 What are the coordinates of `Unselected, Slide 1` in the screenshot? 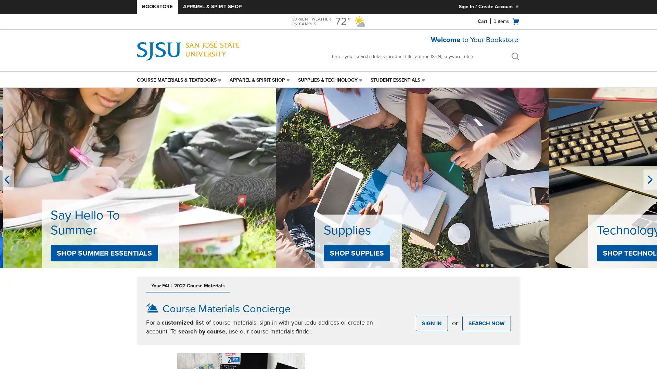 It's located at (477, 265).